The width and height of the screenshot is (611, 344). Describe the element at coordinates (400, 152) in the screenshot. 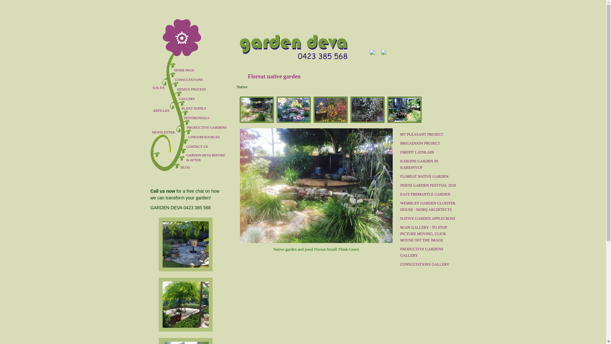

I see `'FIREPIT LATHLAIN'` at that location.